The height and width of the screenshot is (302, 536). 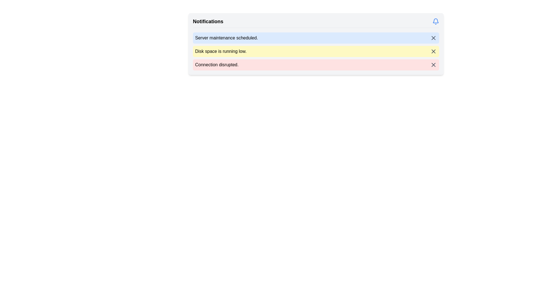 I want to click on notification text from the notification item with a light blue background that states 'Server maintenance scheduled.', so click(x=316, y=44).